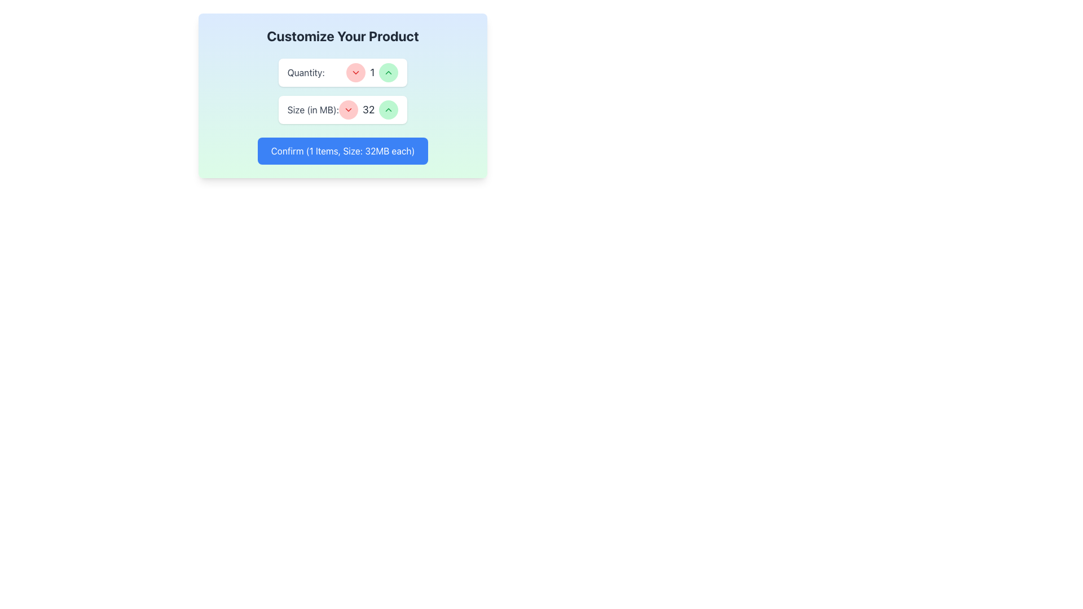 The width and height of the screenshot is (1083, 609). I want to click on the text element that displays the currently selected size in MB, located between the red circular button with a downward chevron and the green circular button with an upward chevron in the 'Size (in MB):' section, so click(368, 110).